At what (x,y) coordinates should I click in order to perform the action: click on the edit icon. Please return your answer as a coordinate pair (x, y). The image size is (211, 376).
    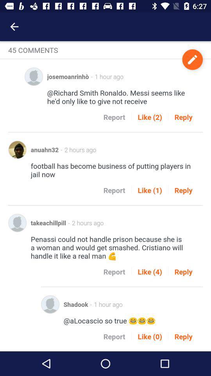
    Looking at the image, I should click on (192, 59).